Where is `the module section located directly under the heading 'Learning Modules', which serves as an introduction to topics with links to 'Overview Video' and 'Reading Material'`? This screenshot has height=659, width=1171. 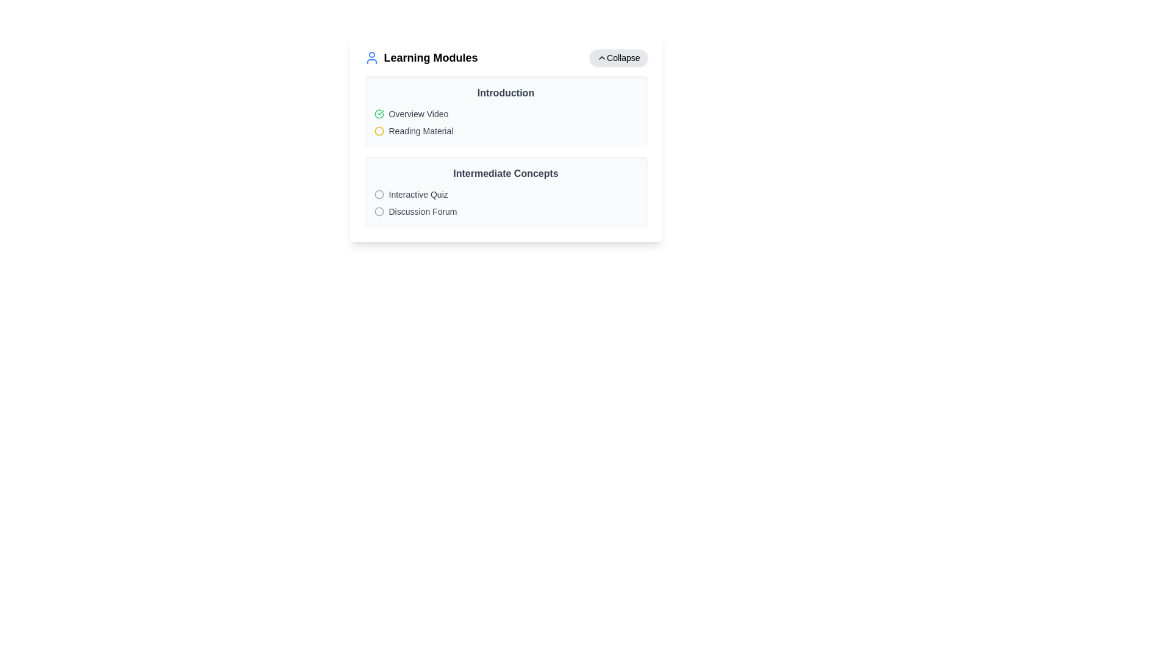 the module section located directly under the heading 'Learning Modules', which serves as an introduction to topics with links to 'Overview Video' and 'Reading Material' is located at coordinates (506, 111).